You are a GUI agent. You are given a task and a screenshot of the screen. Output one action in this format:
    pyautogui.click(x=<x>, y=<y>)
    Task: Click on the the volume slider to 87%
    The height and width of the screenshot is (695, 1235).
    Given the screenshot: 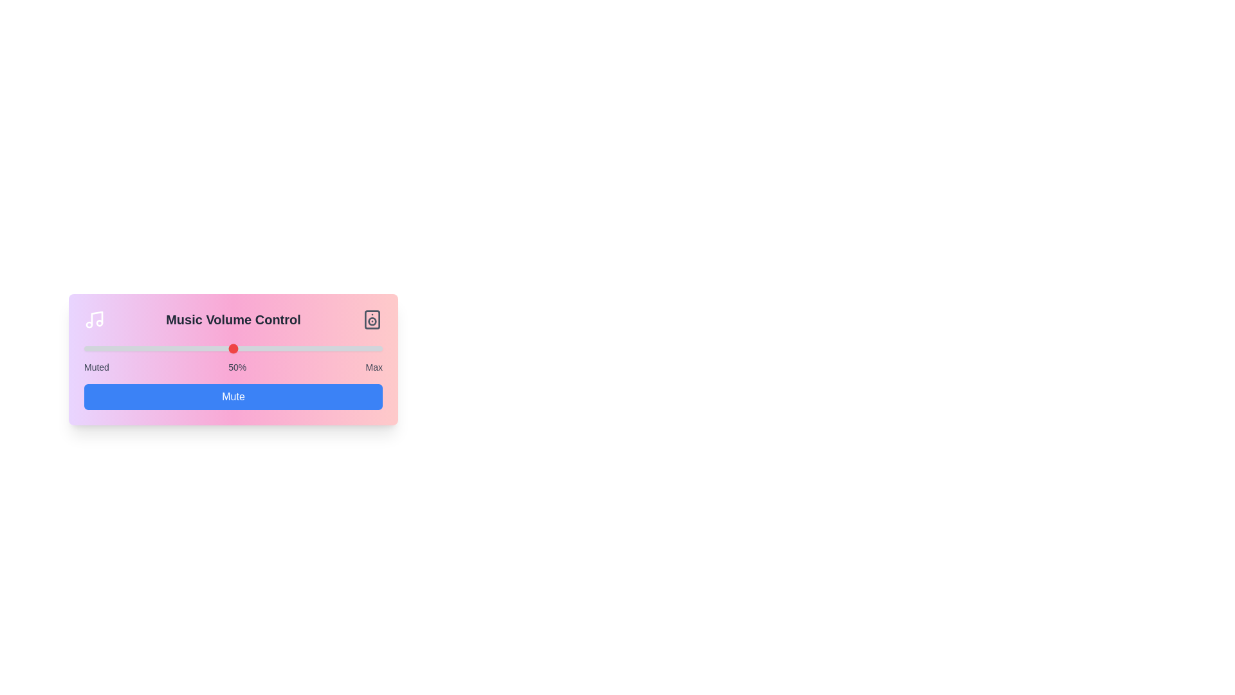 What is the action you would take?
    pyautogui.click(x=343, y=349)
    